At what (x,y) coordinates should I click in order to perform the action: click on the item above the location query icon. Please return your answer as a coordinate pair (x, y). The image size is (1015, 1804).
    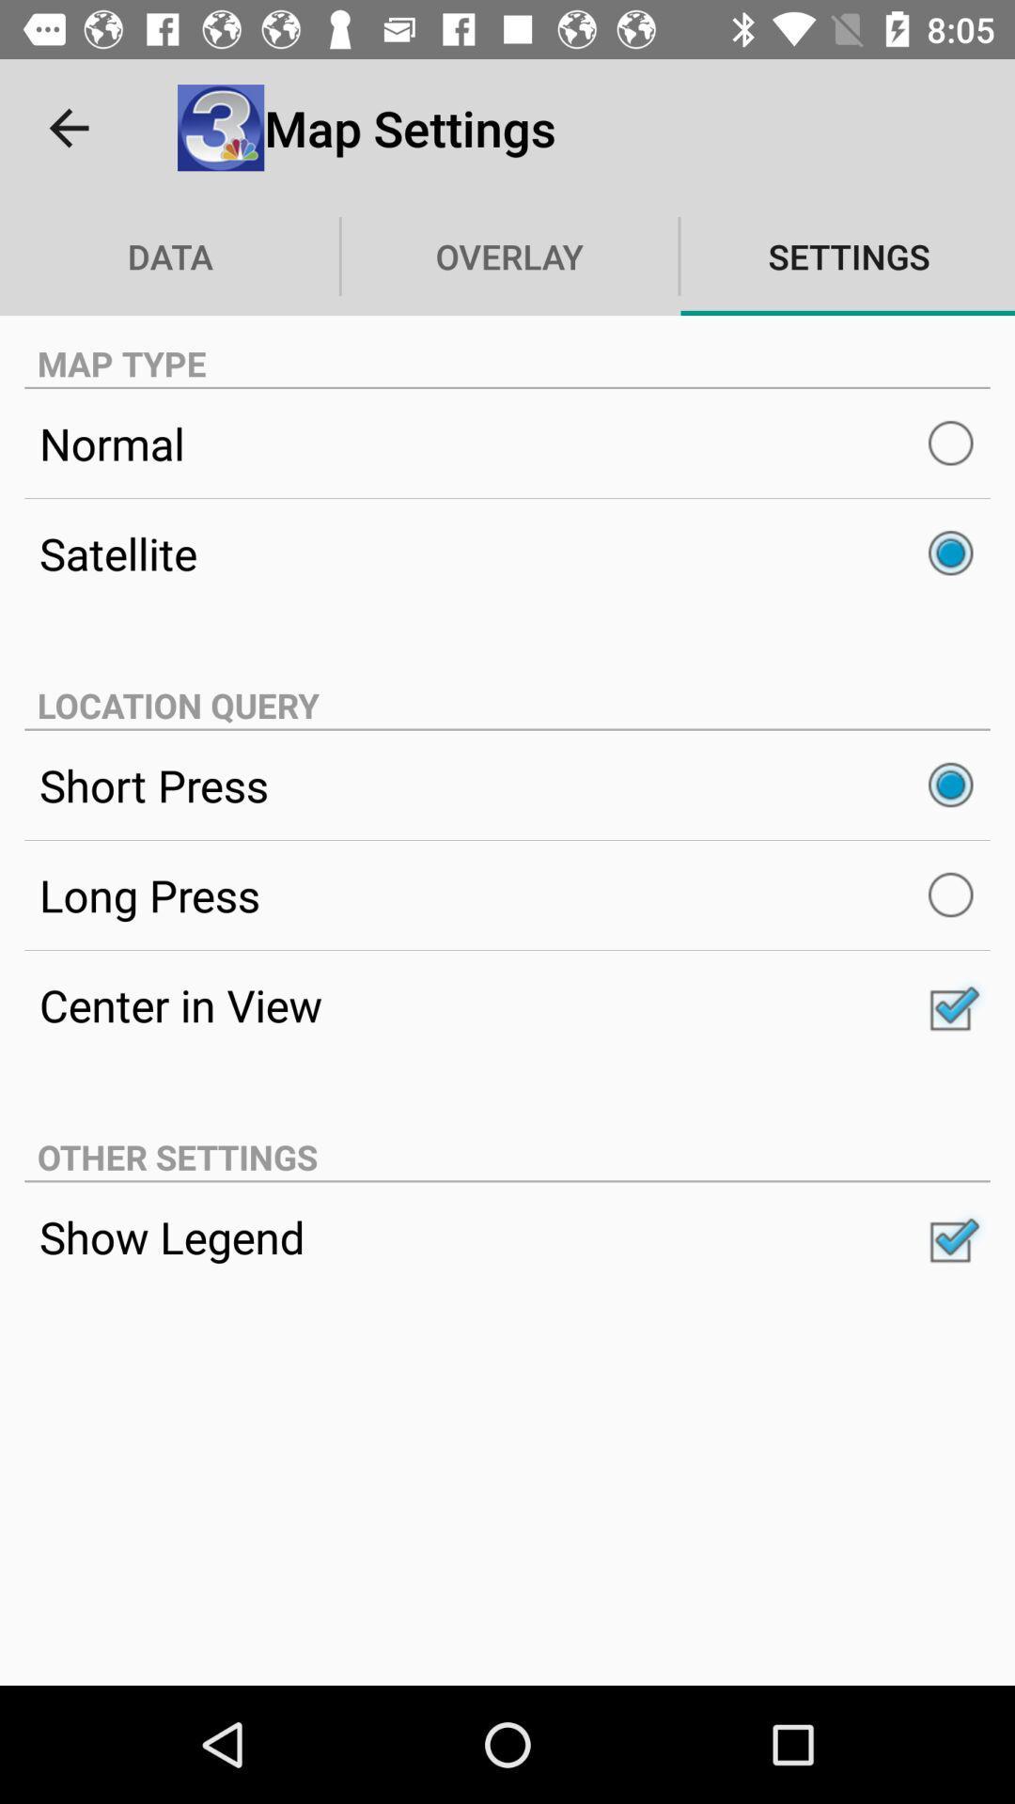
    Looking at the image, I should click on (507, 552).